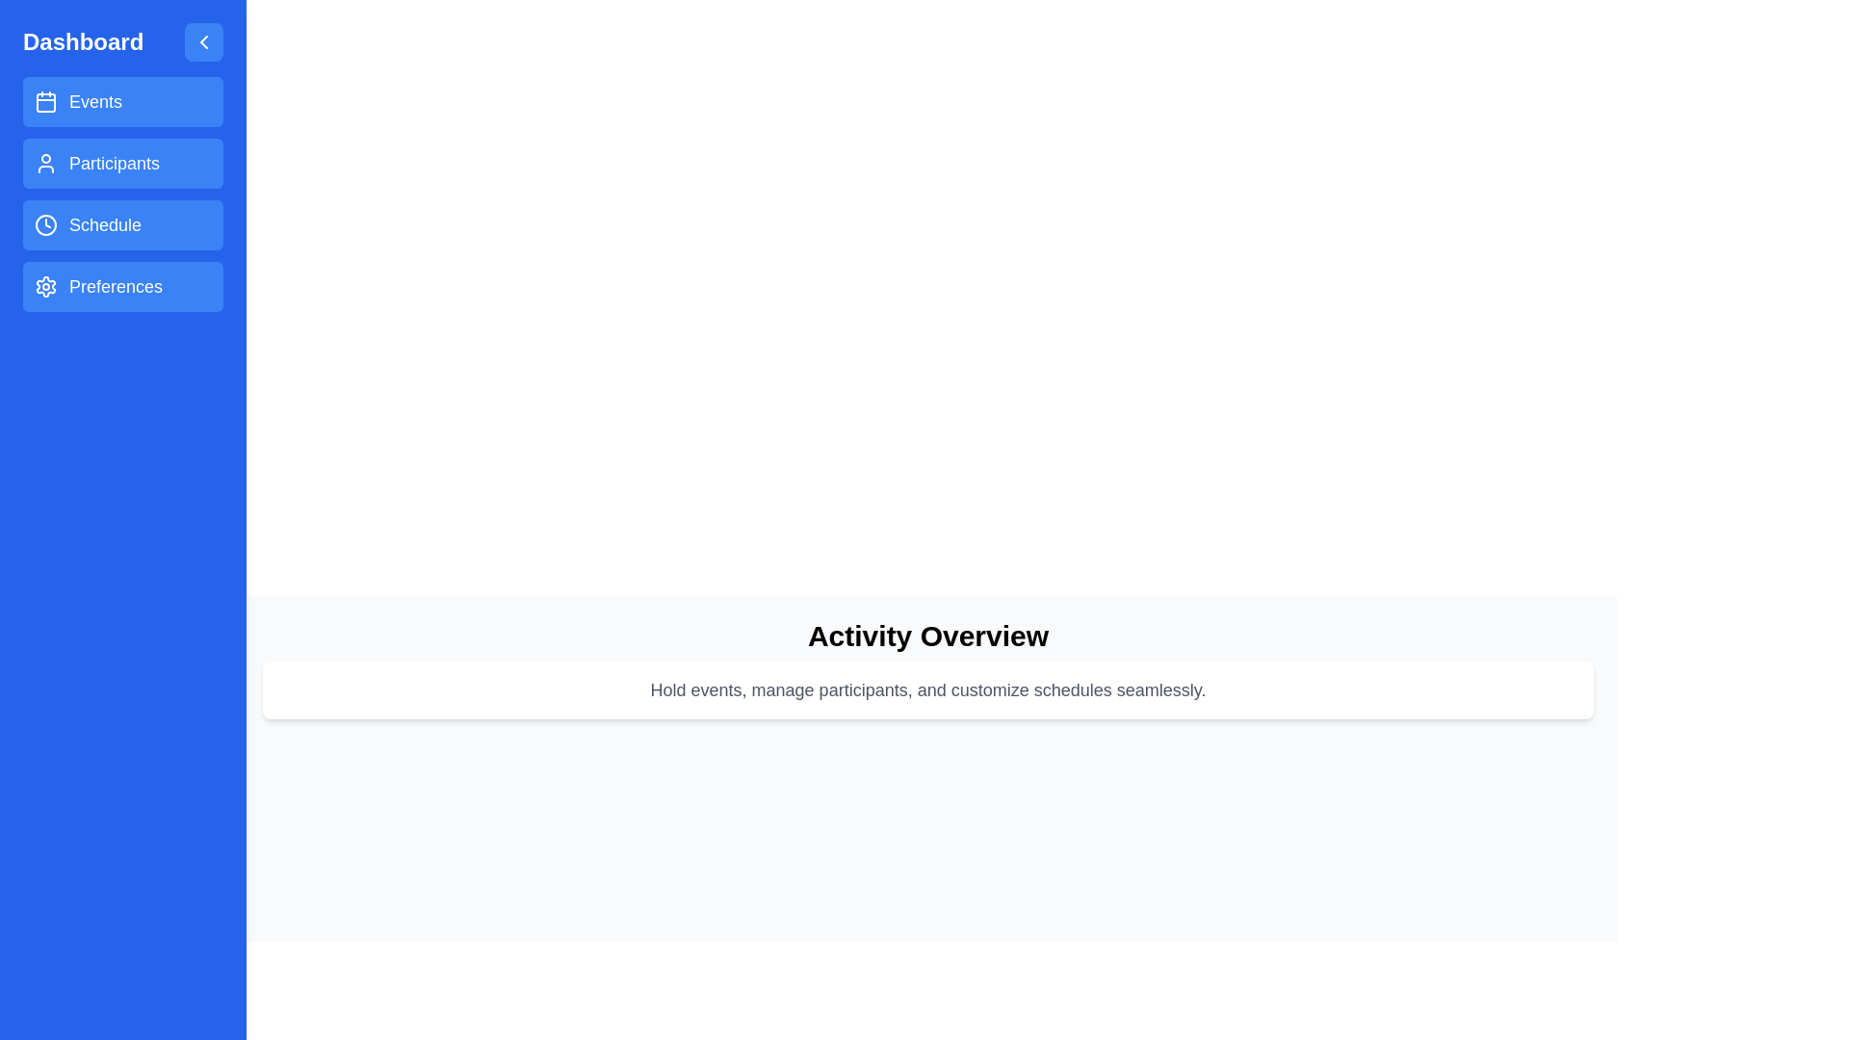 This screenshot has width=1849, height=1040. What do you see at coordinates (122, 286) in the screenshot?
I see `the menu option Preferences in the drawer` at bounding box center [122, 286].